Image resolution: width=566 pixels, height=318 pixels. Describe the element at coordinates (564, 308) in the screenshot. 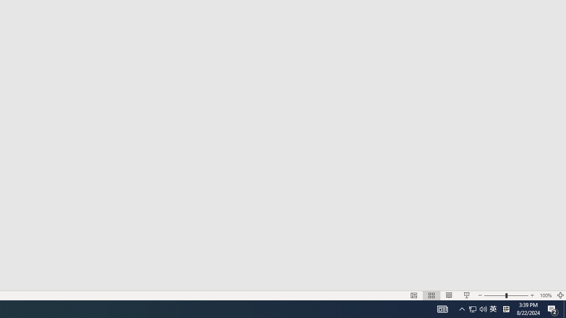

I see `'Zoom to Fit '` at that location.